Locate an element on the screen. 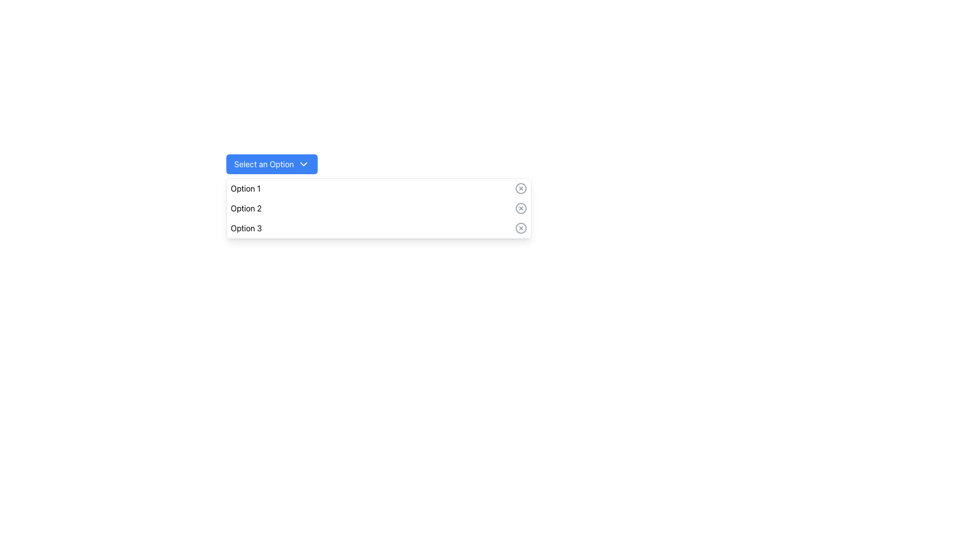 Image resolution: width=953 pixels, height=536 pixels. the delete icon associated with 'Option 1' in the dropdown is located at coordinates (521, 189).